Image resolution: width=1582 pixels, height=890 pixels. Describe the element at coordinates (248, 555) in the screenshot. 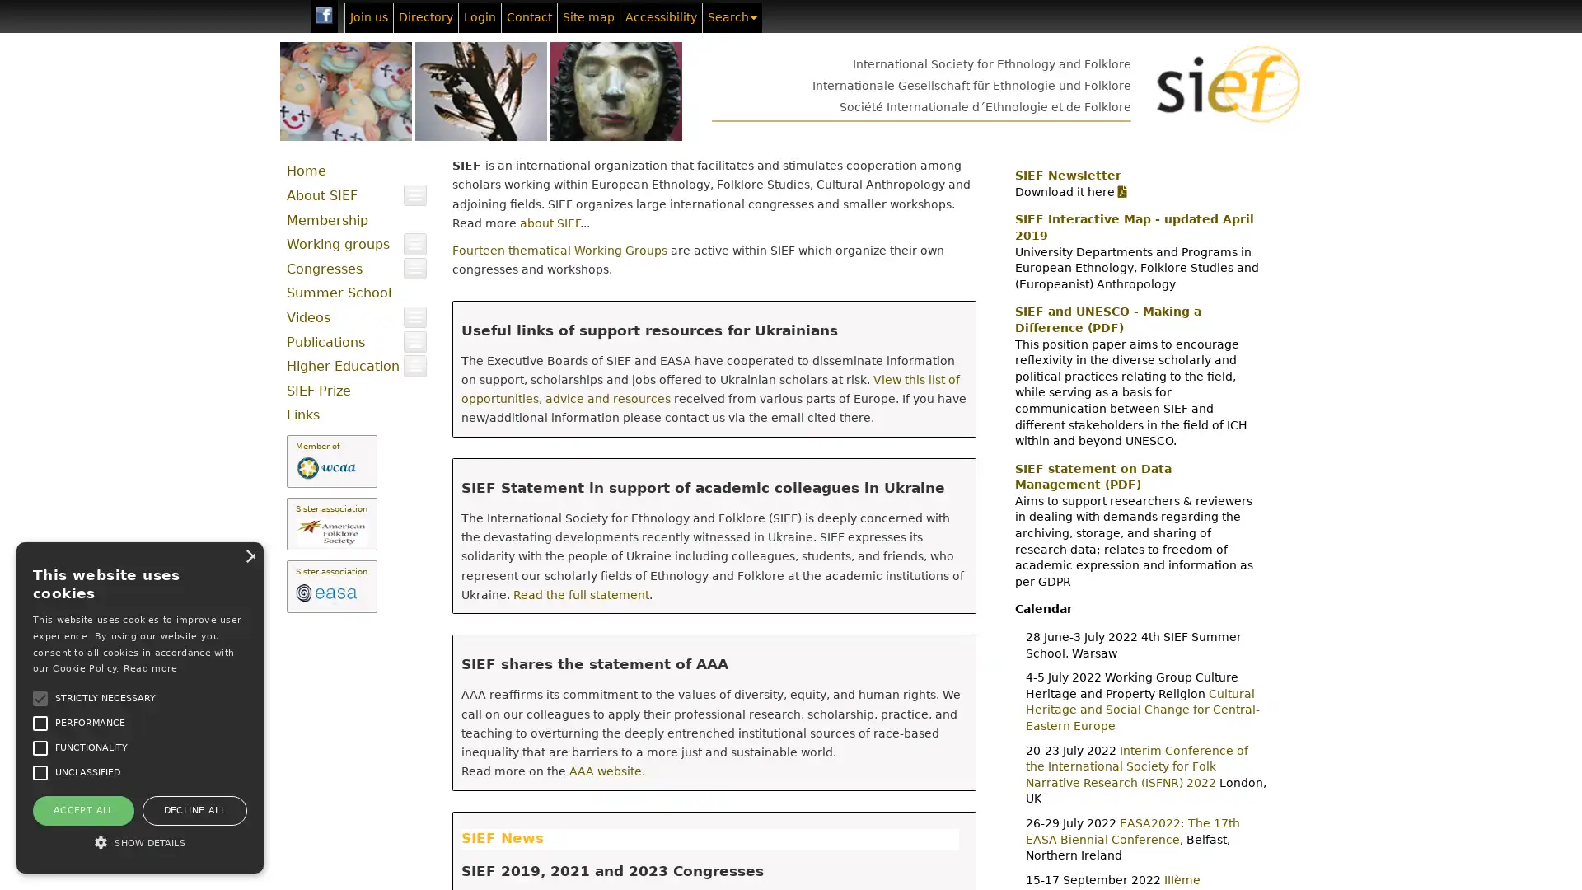

I see `Close` at that location.